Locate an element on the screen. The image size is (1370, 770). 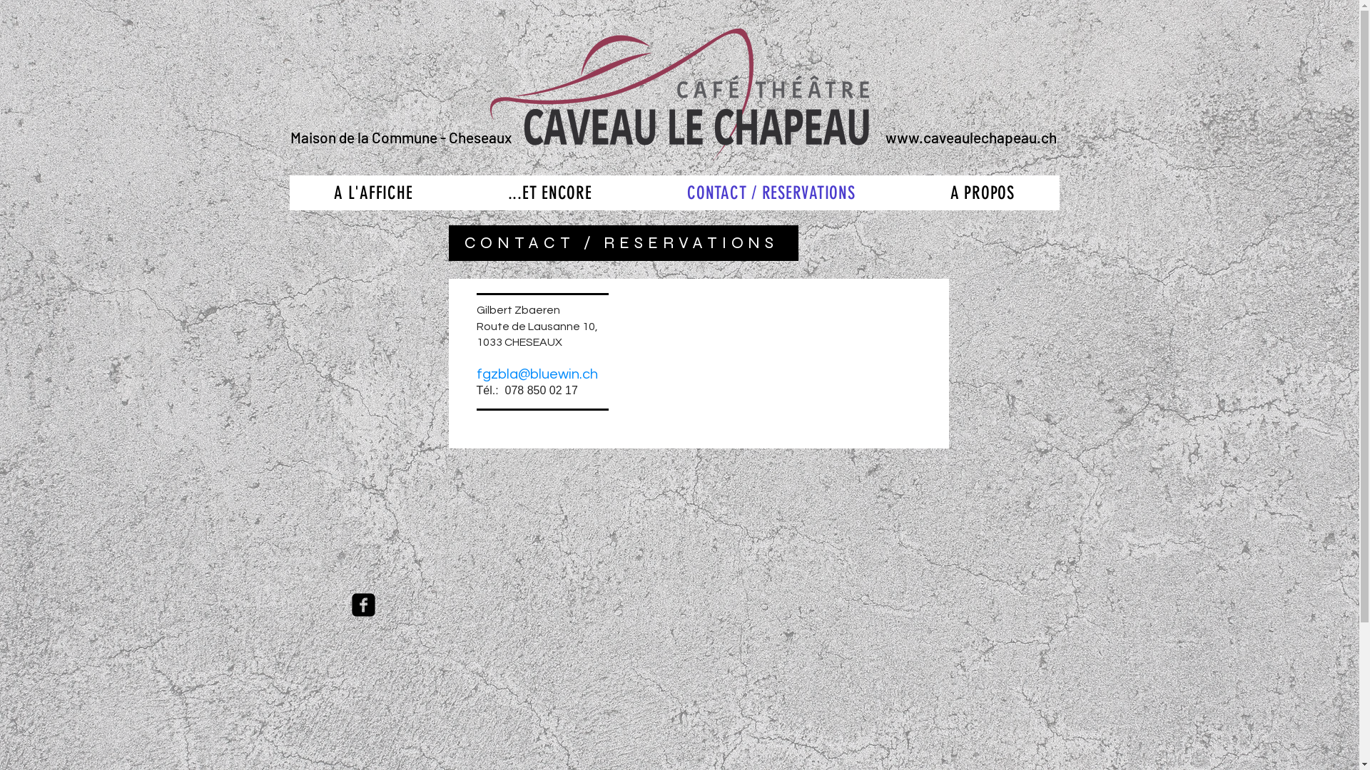
'...ET ENCORE' is located at coordinates (549, 192).